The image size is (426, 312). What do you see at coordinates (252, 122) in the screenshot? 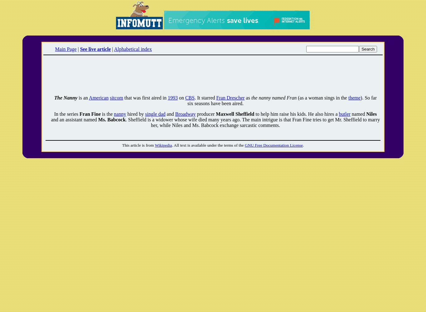
I see `'. Sheffield is a widower whose wife died many years ago. The main intrigue is that Fran Fine tries to get Mr. Sheffield to marry her, while  Niles and Ms. Babcock exchange sarcastic comments.'` at bounding box center [252, 122].